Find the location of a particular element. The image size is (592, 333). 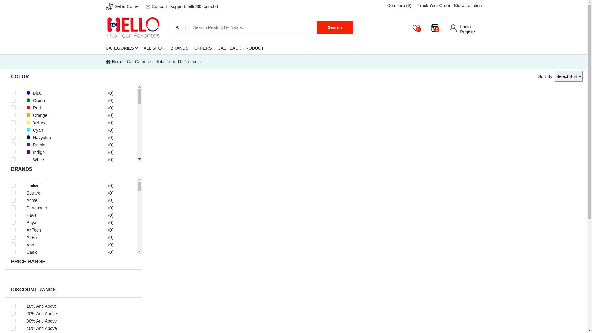

'Cyan' is located at coordinates (11, 129).